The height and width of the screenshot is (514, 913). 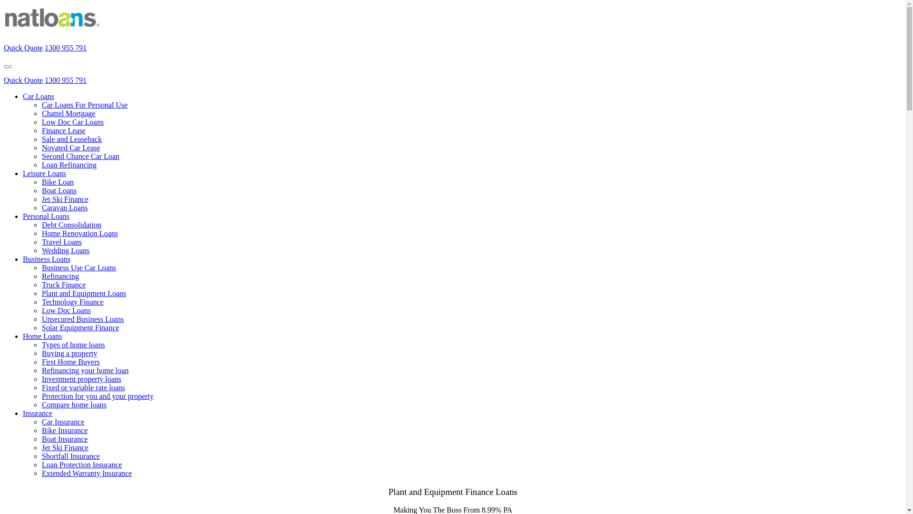 I want to click on 'Truck Finance', so click(x=63, y=284).